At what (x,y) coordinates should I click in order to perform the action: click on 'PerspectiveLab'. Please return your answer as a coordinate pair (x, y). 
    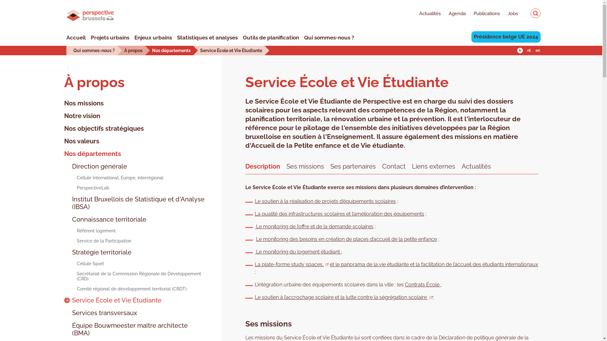
    Looking at the image, I should click on (86, 187).